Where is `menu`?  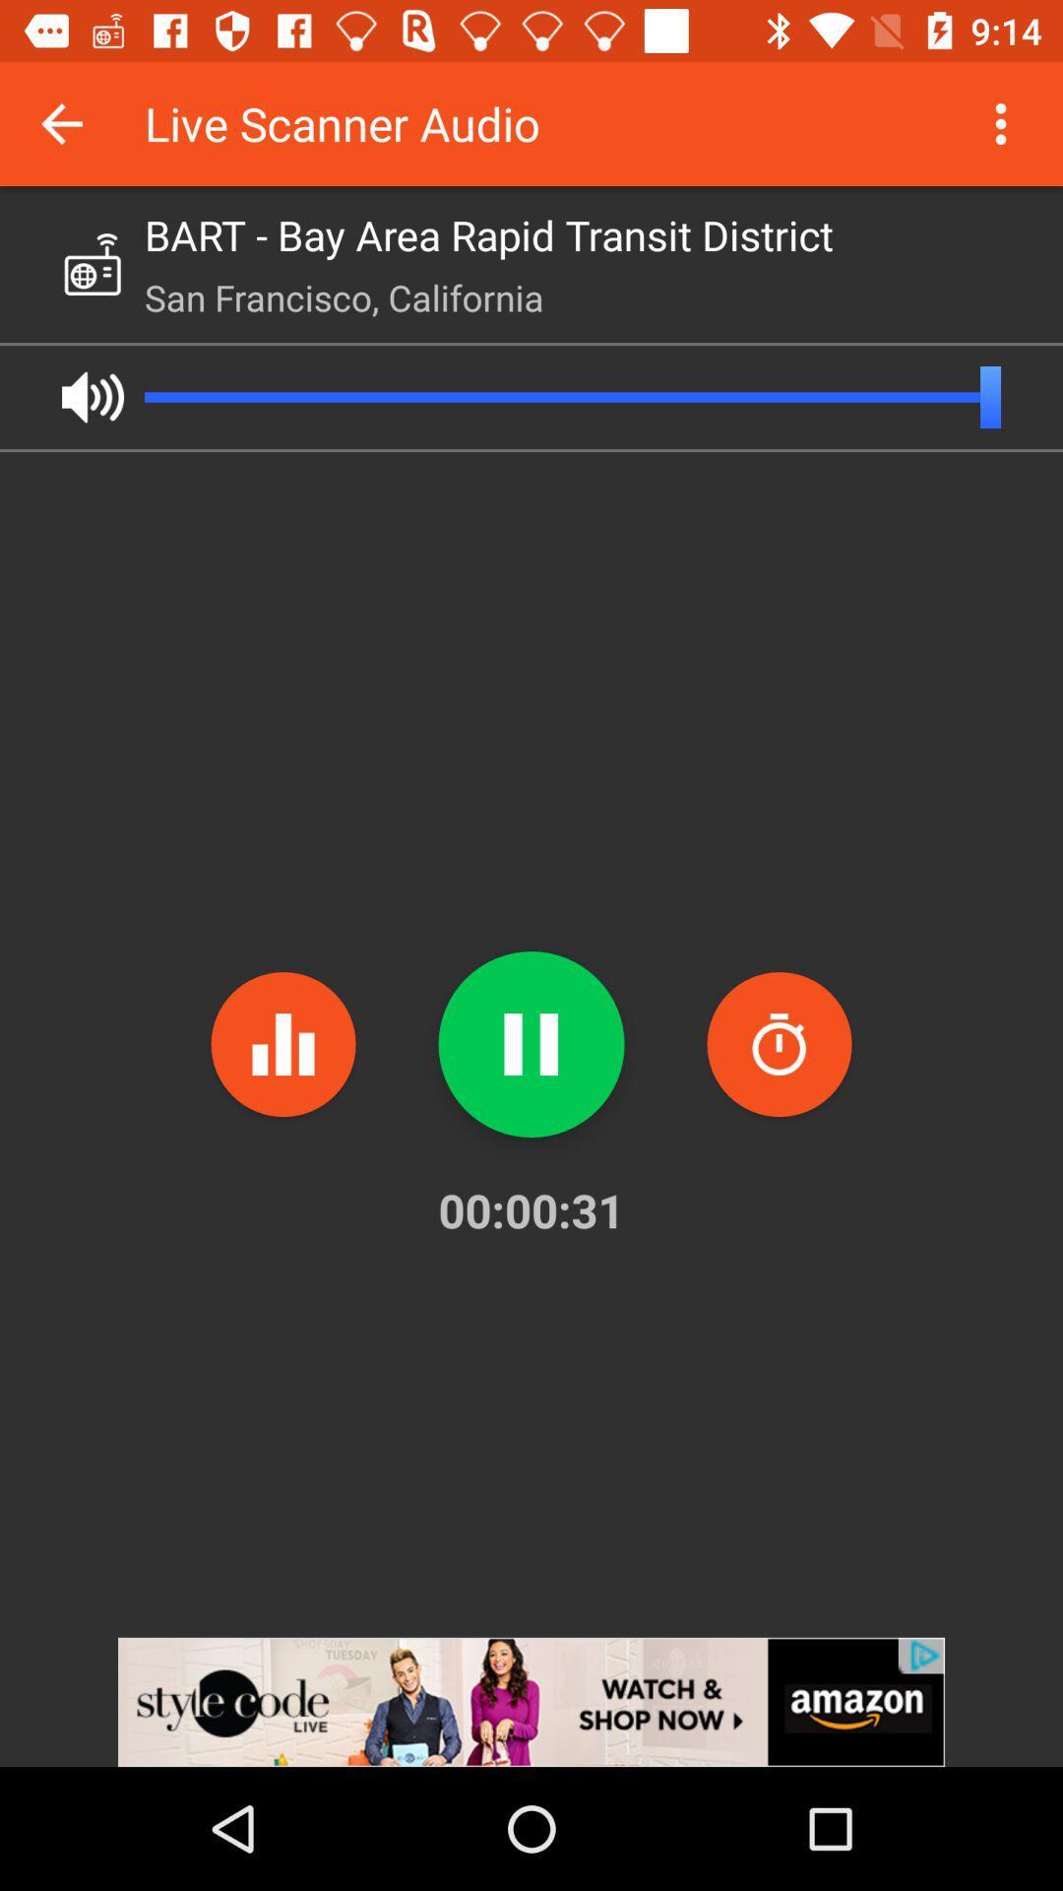
menu is located at coordinates (1001, 122).